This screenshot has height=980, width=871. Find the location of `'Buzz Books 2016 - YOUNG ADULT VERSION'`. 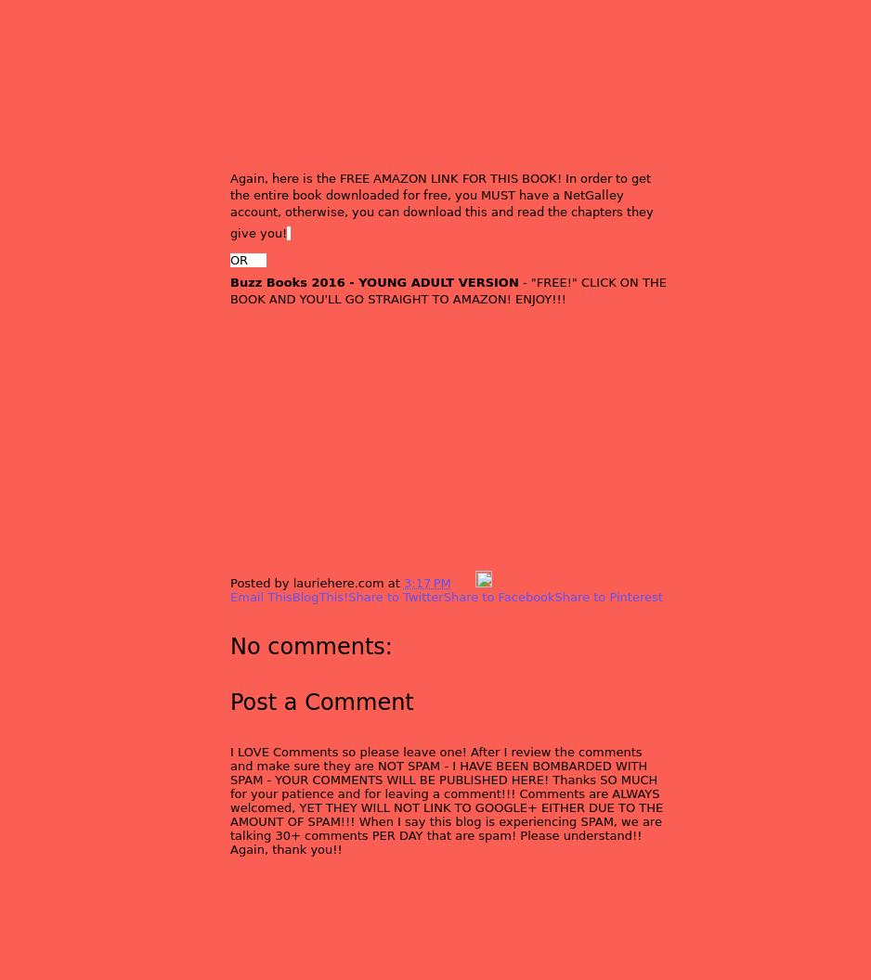

'Buzz Books 2016 - YOUNG ADULT VERSION' is located at coordinates (373, 281).